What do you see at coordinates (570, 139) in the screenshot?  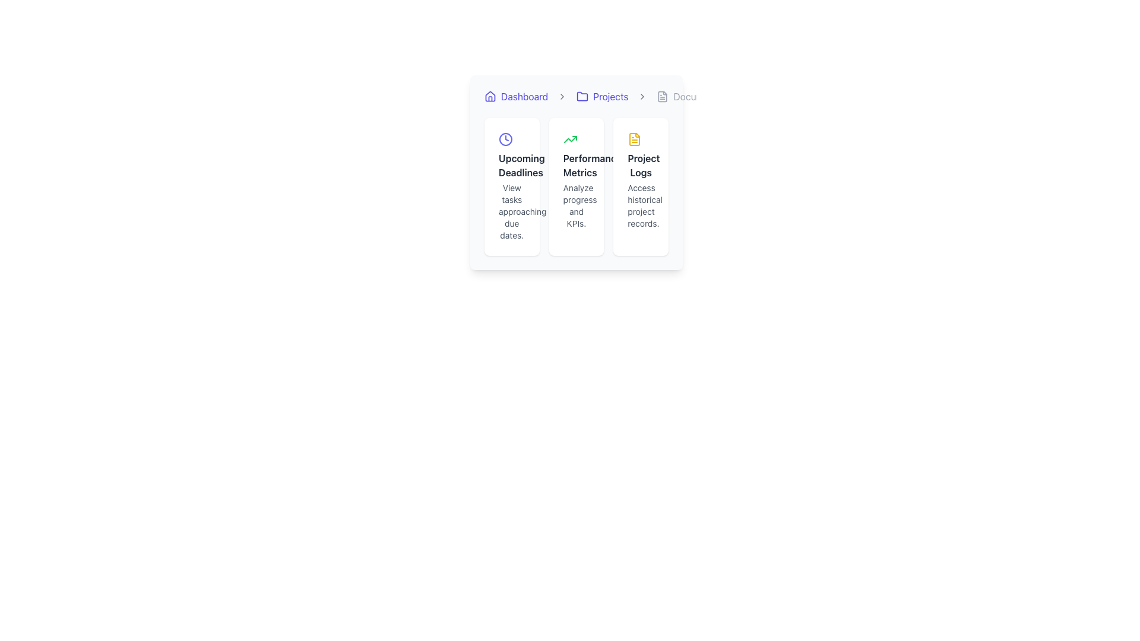 I see `the small green triangular line indicating a trend within the green trending-up icon, located above the 'Performance Metrics' card` at bounding box center [570, 139].